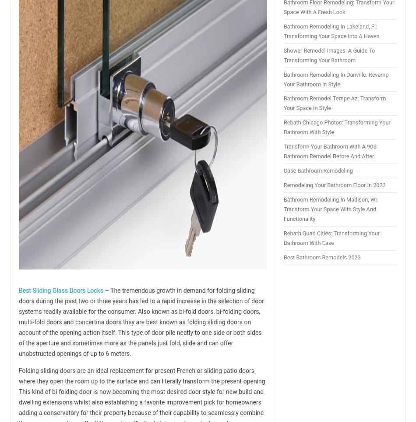 The height and width of the screenshot is (422, 416). I want to click on 'Bathroom Remodeling In Lakeland, Fl: Transforming Your Space Into A Haven', so click(331, 31).